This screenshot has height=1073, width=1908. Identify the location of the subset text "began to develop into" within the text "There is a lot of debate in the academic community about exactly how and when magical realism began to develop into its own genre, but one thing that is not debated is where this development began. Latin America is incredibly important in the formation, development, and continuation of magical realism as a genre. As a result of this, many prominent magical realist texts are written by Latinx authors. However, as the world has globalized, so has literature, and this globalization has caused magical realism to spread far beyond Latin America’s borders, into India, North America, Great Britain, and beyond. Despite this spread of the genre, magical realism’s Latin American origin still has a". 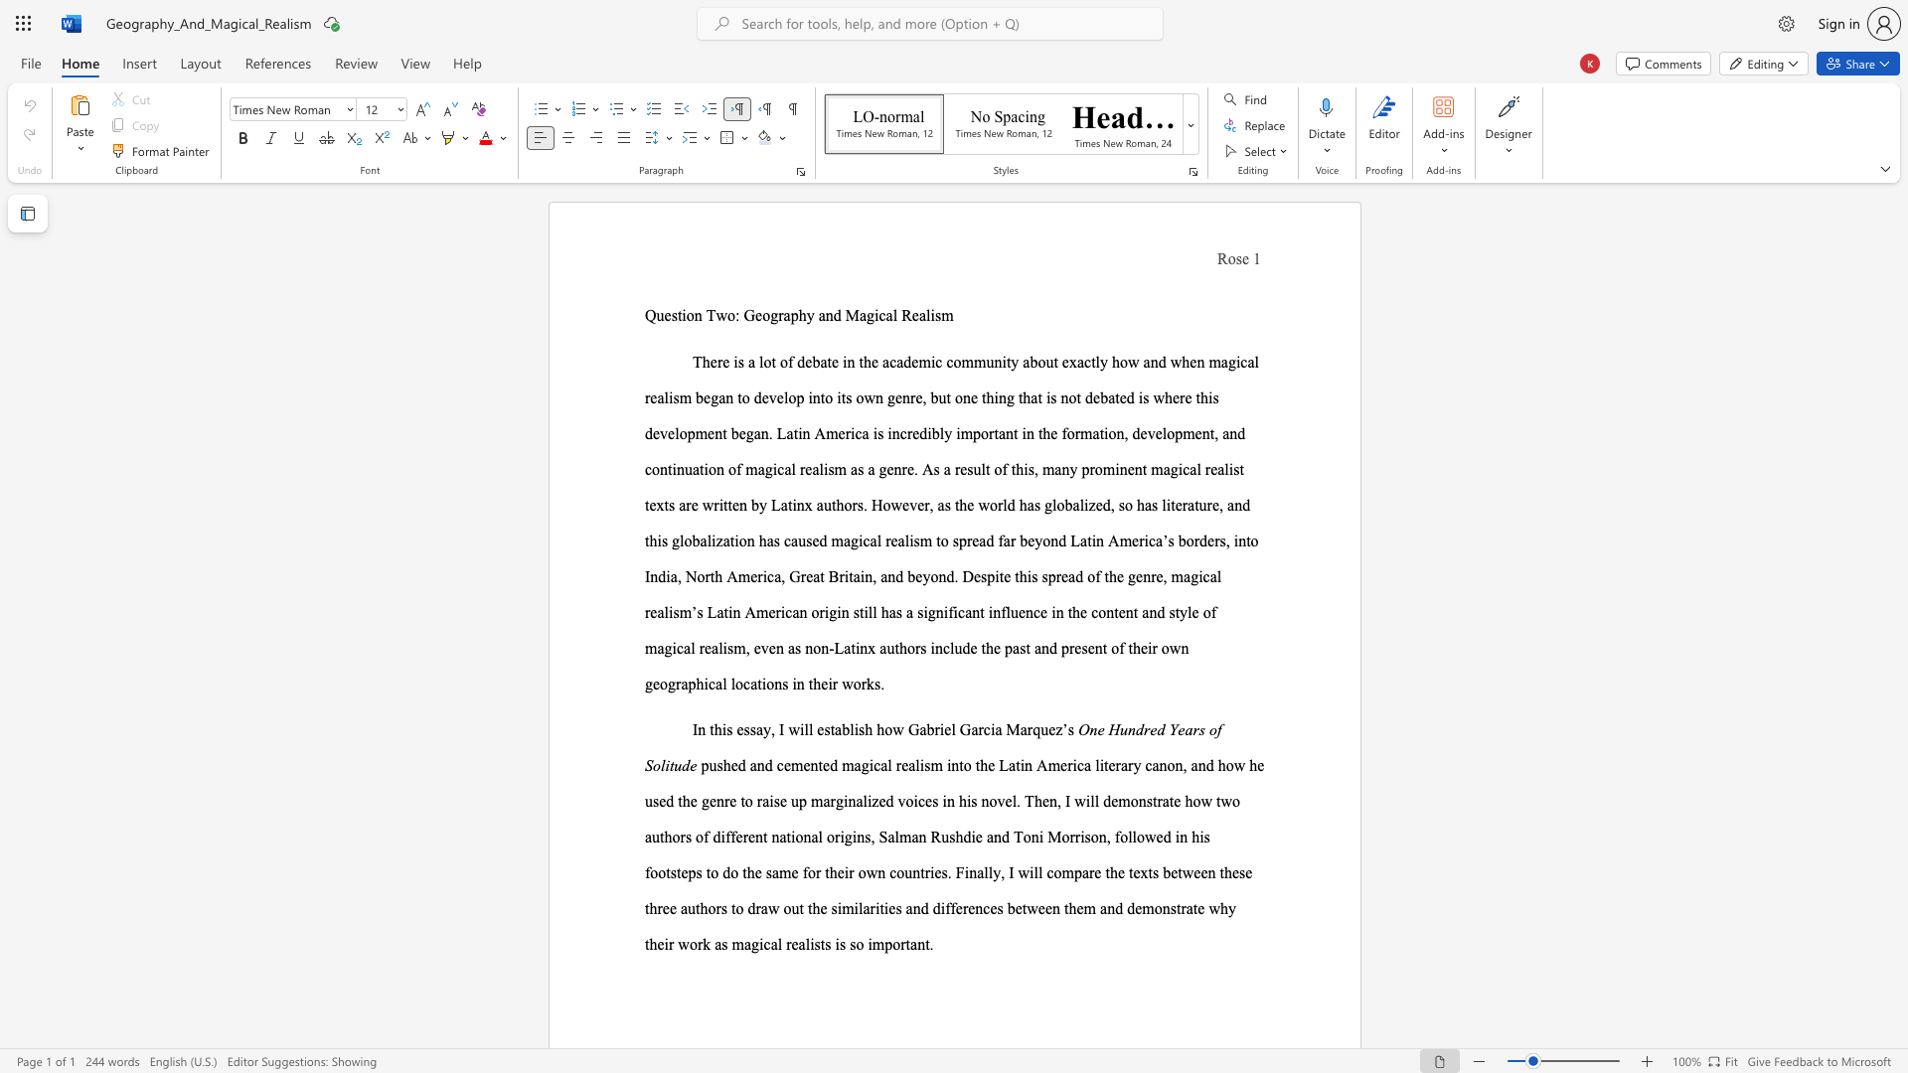
(696, 397).